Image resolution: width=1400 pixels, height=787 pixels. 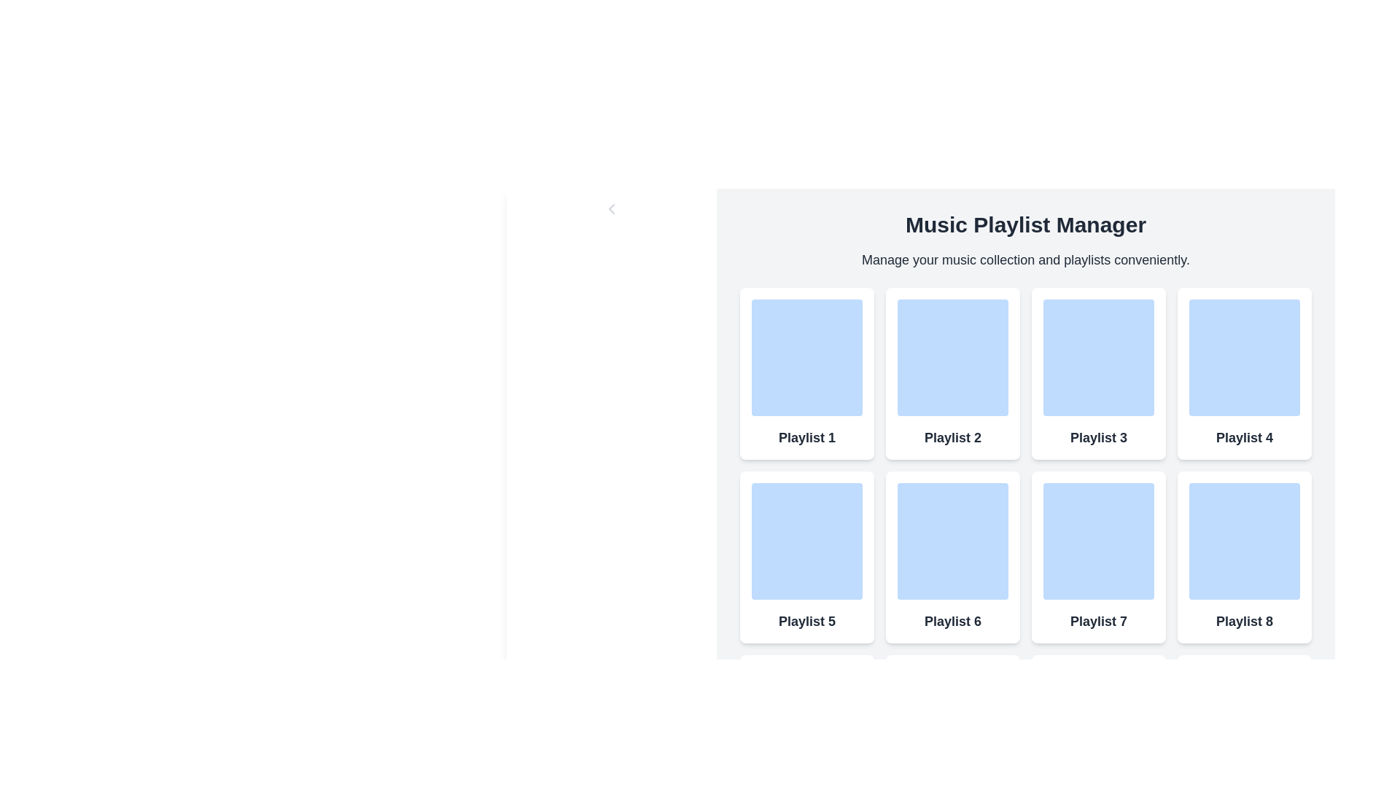 What do you see at coordinates (1024, 259) in the screenshot?
I see `descriptive text label located below the header 'Music Playlist Manager', which provides instructions for managing music collections and playlists` at bounding box center [1024, 259].